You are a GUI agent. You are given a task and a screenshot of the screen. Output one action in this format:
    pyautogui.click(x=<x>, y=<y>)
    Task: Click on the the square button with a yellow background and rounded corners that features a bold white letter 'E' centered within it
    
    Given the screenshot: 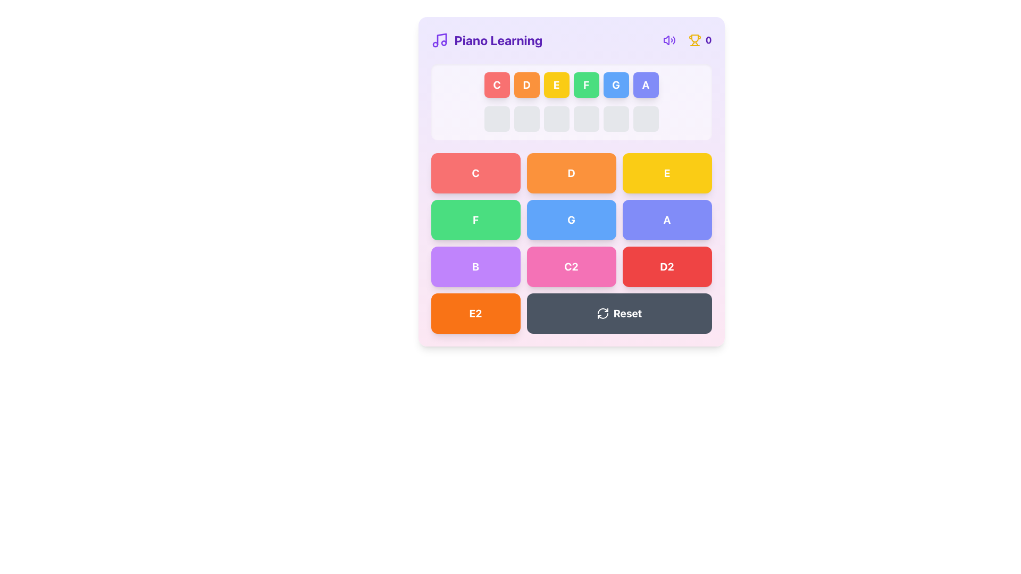 What is the action you would take?
    pyautogui.click(x=556, y=84)
    